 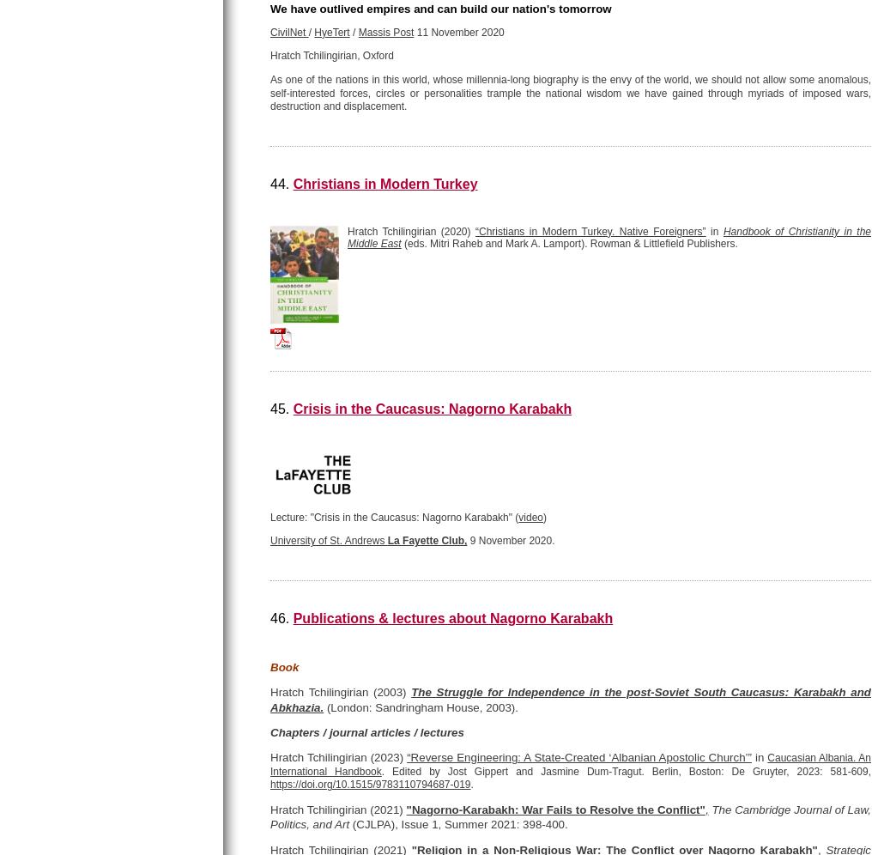 I want to click on 'Hratch Tchilingirian, Oxford', so click(x=331, y=55).